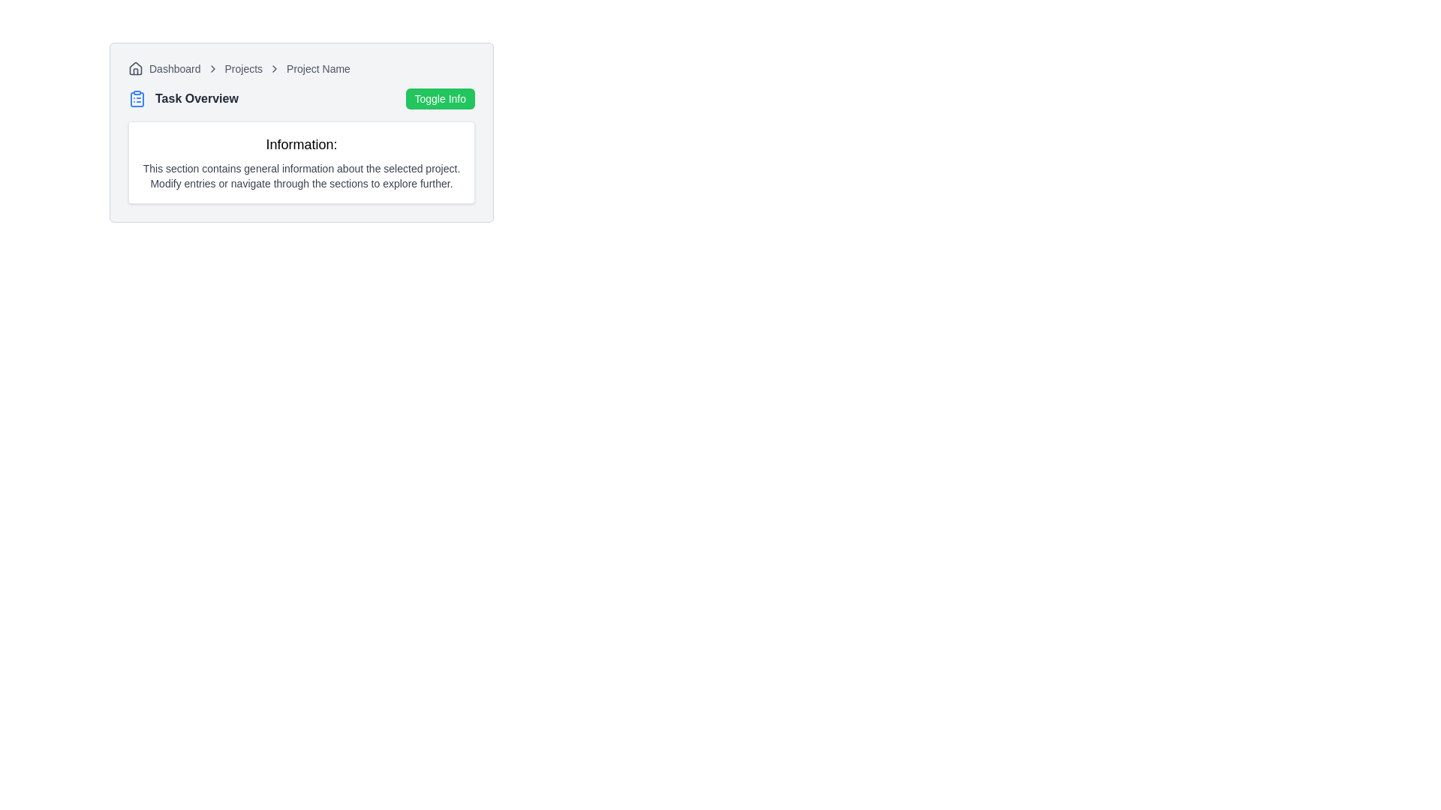 The height and width of the screenshot is (810, 1441). What do you see at coordinates (212, 69) in the screenshot?
I see `the right-facing chevron arrow icon located between the 'Dashboard' and 'Projects' texts in the breadcrumb navigation bar at the top-left of the application interface` at bounding box center [212, 69].